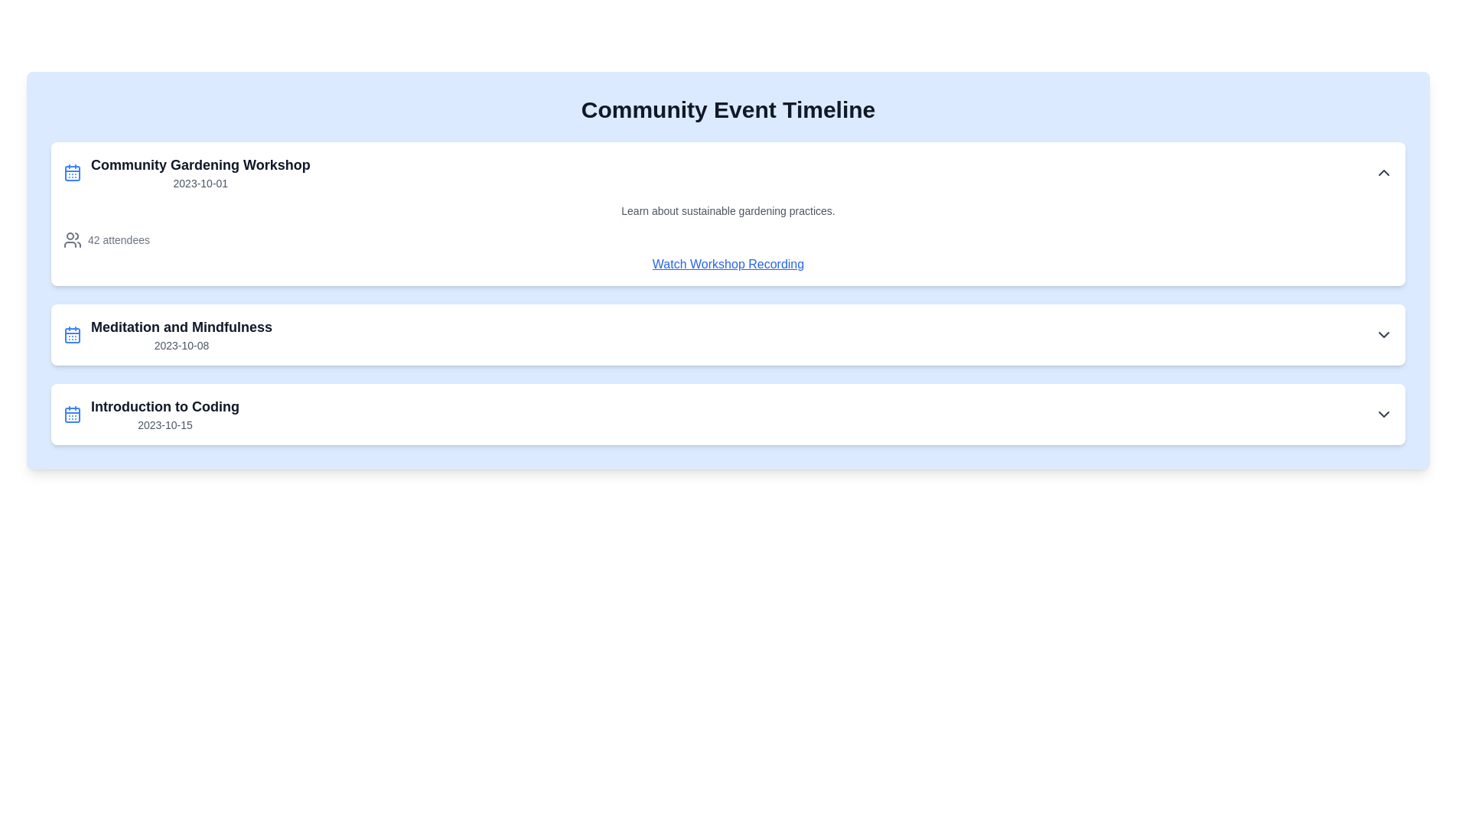  Describe the element at coordinates (72, 334) in the screenshot. I see `the calendar SVG icon located to the left of the 'Meditation and Mindfulness' text, which indicates the event date '2023-10-08' in the second event section` at that location.